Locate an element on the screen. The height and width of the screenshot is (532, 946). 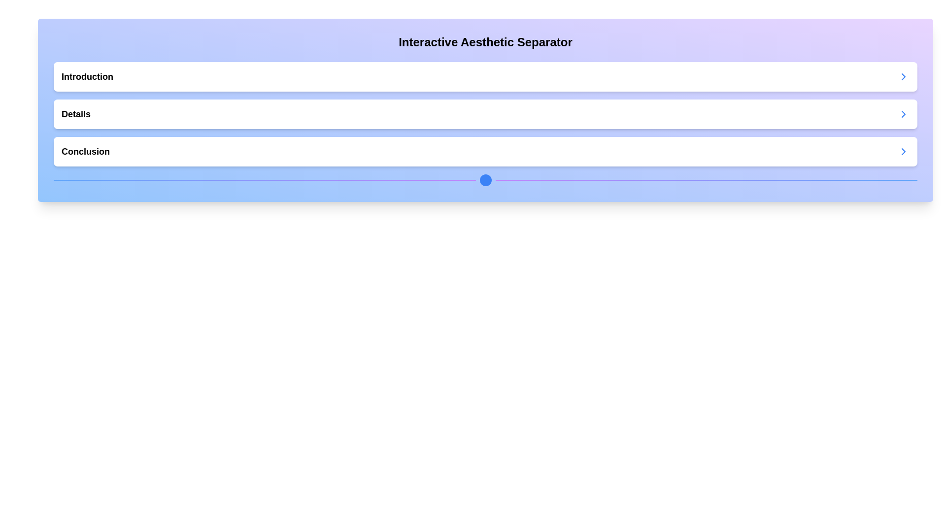
the Text label that serves as a heading for a section, located in the middle row of a vertical list, with a right-facing chevron icon to its far right is located at coordinates (75, 113).